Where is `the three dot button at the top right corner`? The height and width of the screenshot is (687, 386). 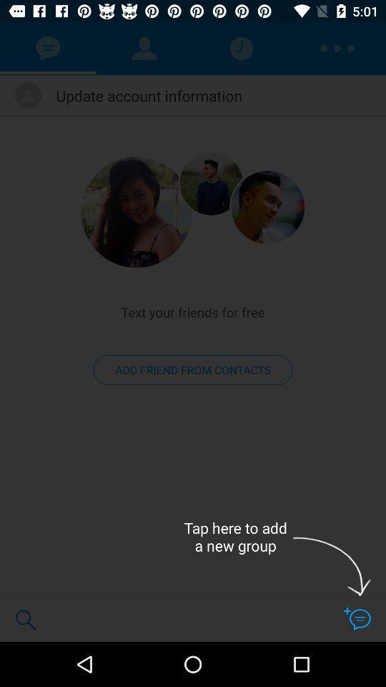
the three dot button at the top right corner is located at coordinates (337, 49).